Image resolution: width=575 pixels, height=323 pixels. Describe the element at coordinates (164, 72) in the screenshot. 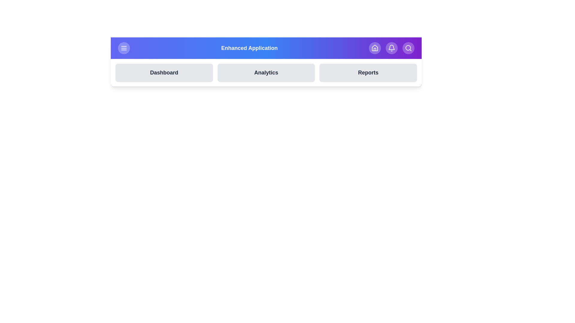

I see `the 'Dashboard' button` at that location.